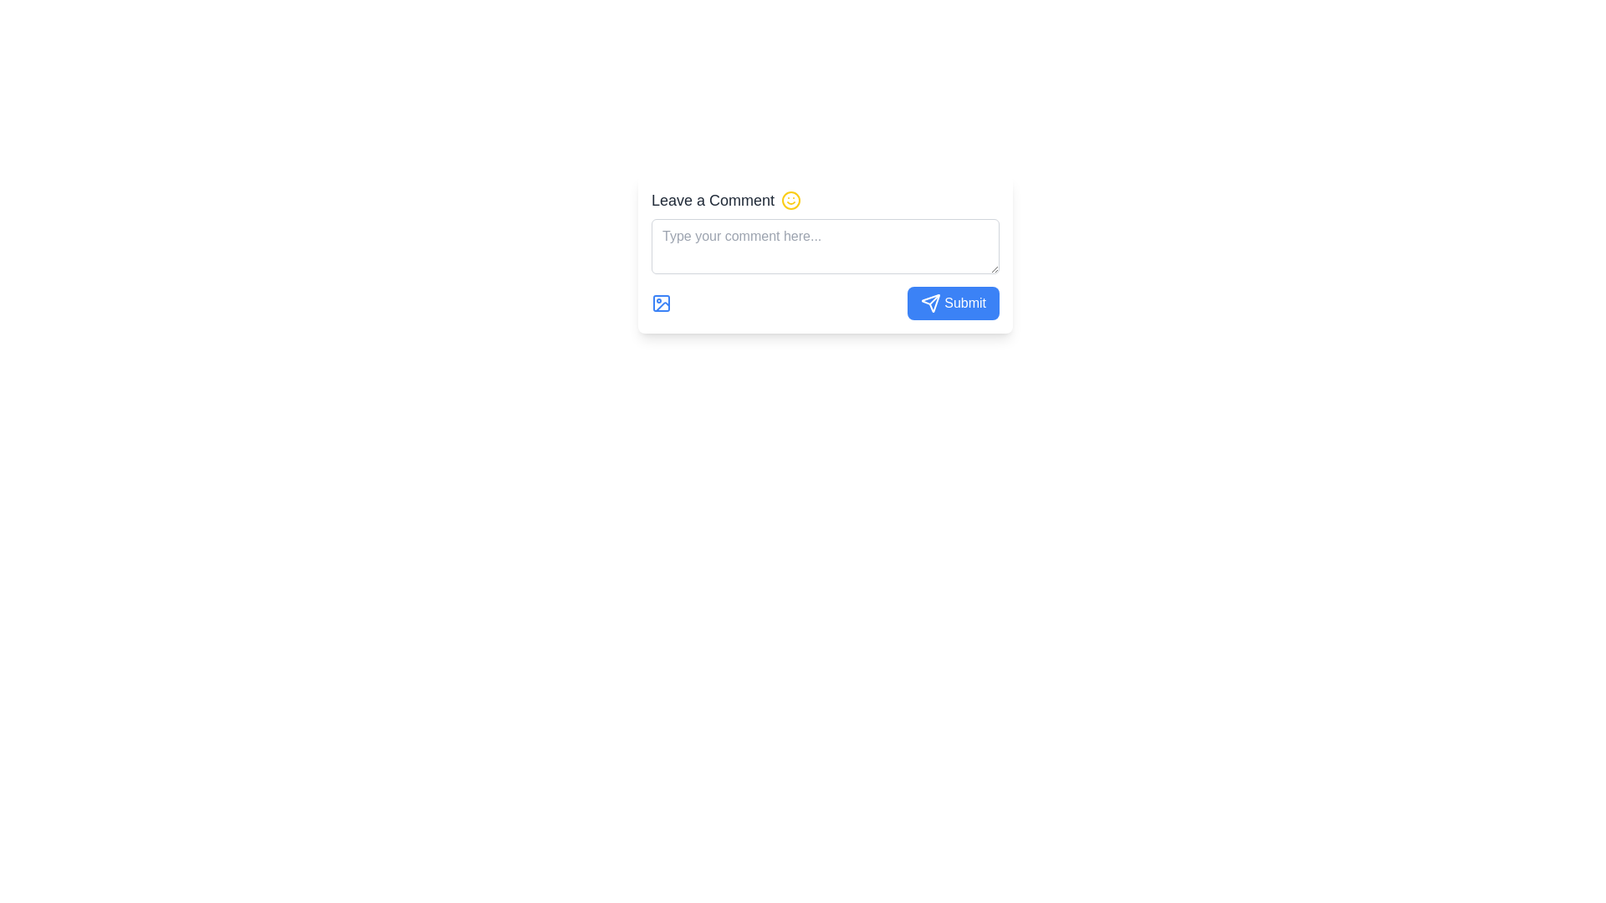 This screenshot has width=1606, height=903. Describe the element at coordinates (790, 199) in the screenshot. I see `the central circular part of the smiley face icon, which is a yellow SVG graphic located at the top-left corner of the comment input box` at that location.